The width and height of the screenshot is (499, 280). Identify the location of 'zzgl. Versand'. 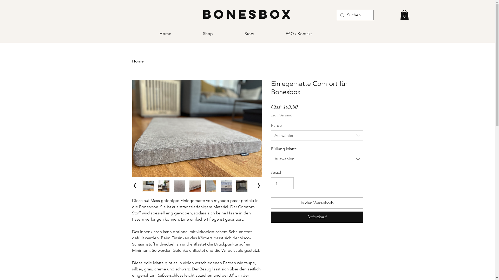
(281, 115).